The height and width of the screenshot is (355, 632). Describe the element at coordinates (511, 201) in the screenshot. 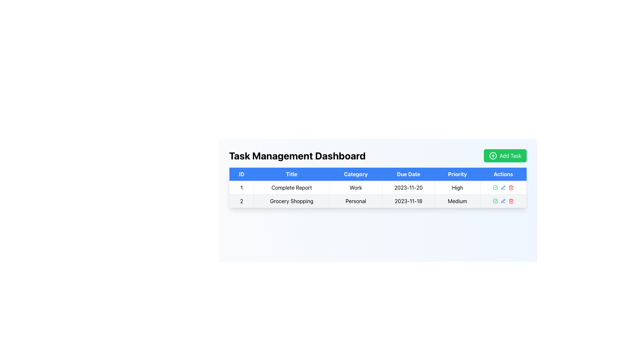

I see `the delete action button icon located in the rightmost column of the second row in the 'Actions' section of the table` at that location.